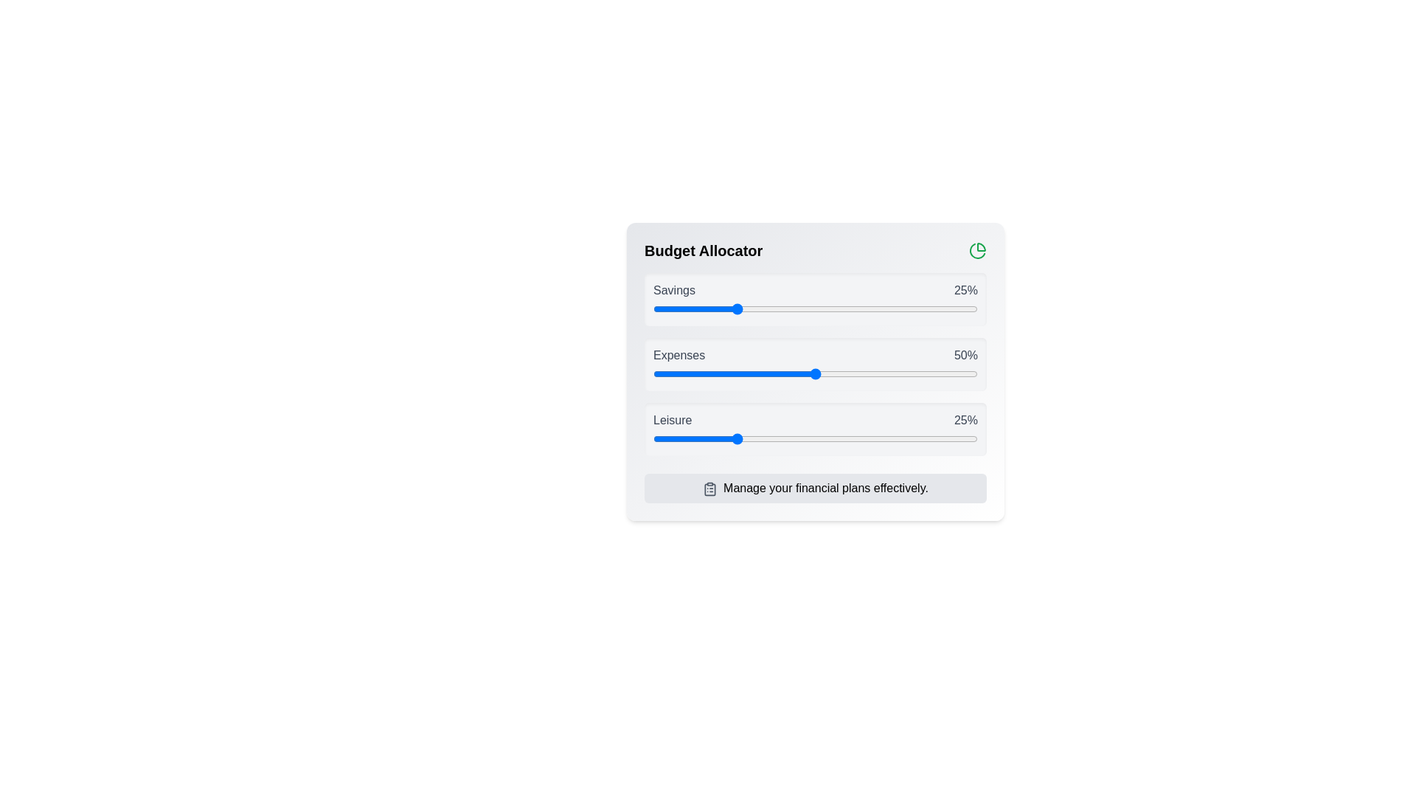 This screenshot has width=1416, height=797. Describe the element at coordinates (708, 308) in the screenshot. I see `the slider for the category to set its percentage to 17` at that location.